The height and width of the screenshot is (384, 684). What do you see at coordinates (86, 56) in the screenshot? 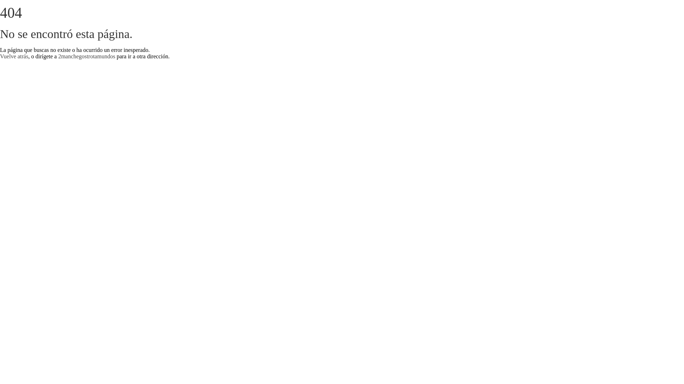
I see `'2manchegostrotamundos'` at bounding box center [86, 56].